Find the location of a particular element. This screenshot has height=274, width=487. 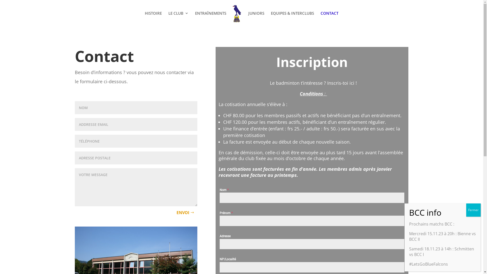

'Fermer' is located at coordinates (473, 210).